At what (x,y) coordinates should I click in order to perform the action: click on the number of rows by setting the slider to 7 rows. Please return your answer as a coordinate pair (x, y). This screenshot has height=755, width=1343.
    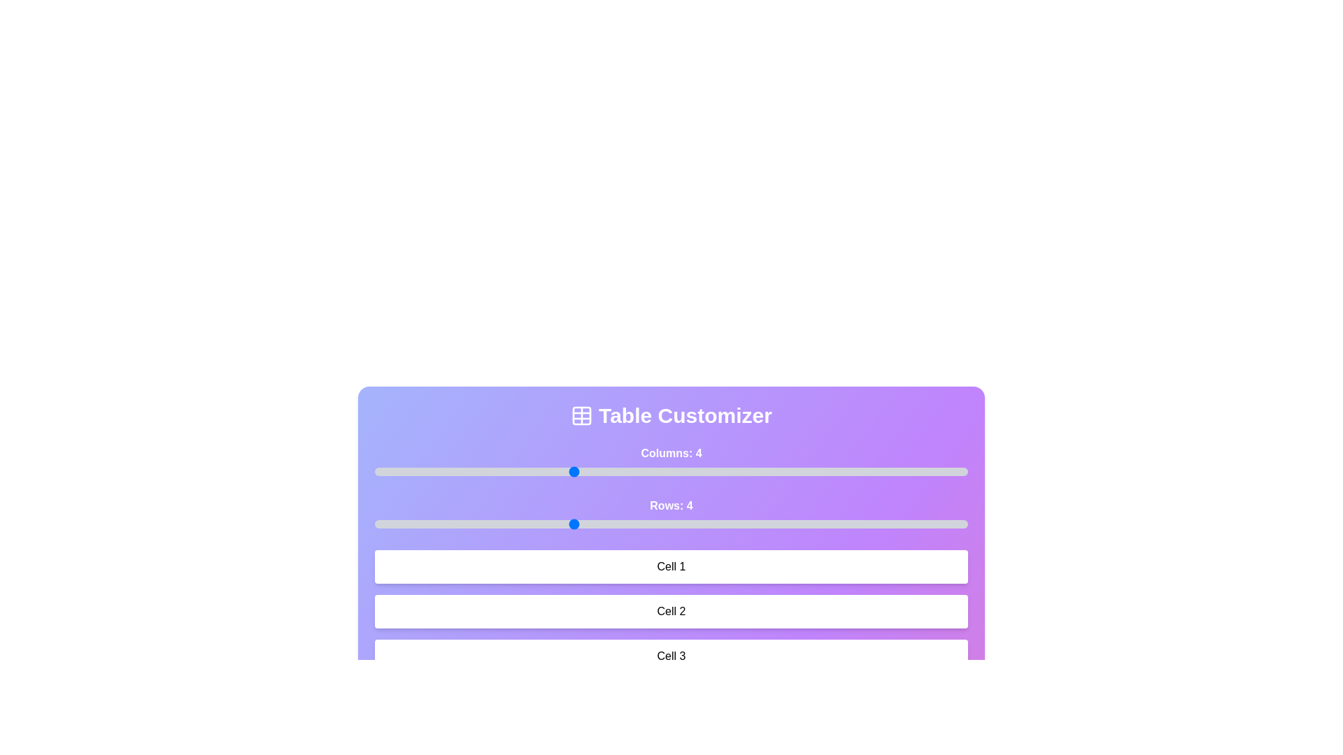
    Looking at the image, I should click on (868, 524).